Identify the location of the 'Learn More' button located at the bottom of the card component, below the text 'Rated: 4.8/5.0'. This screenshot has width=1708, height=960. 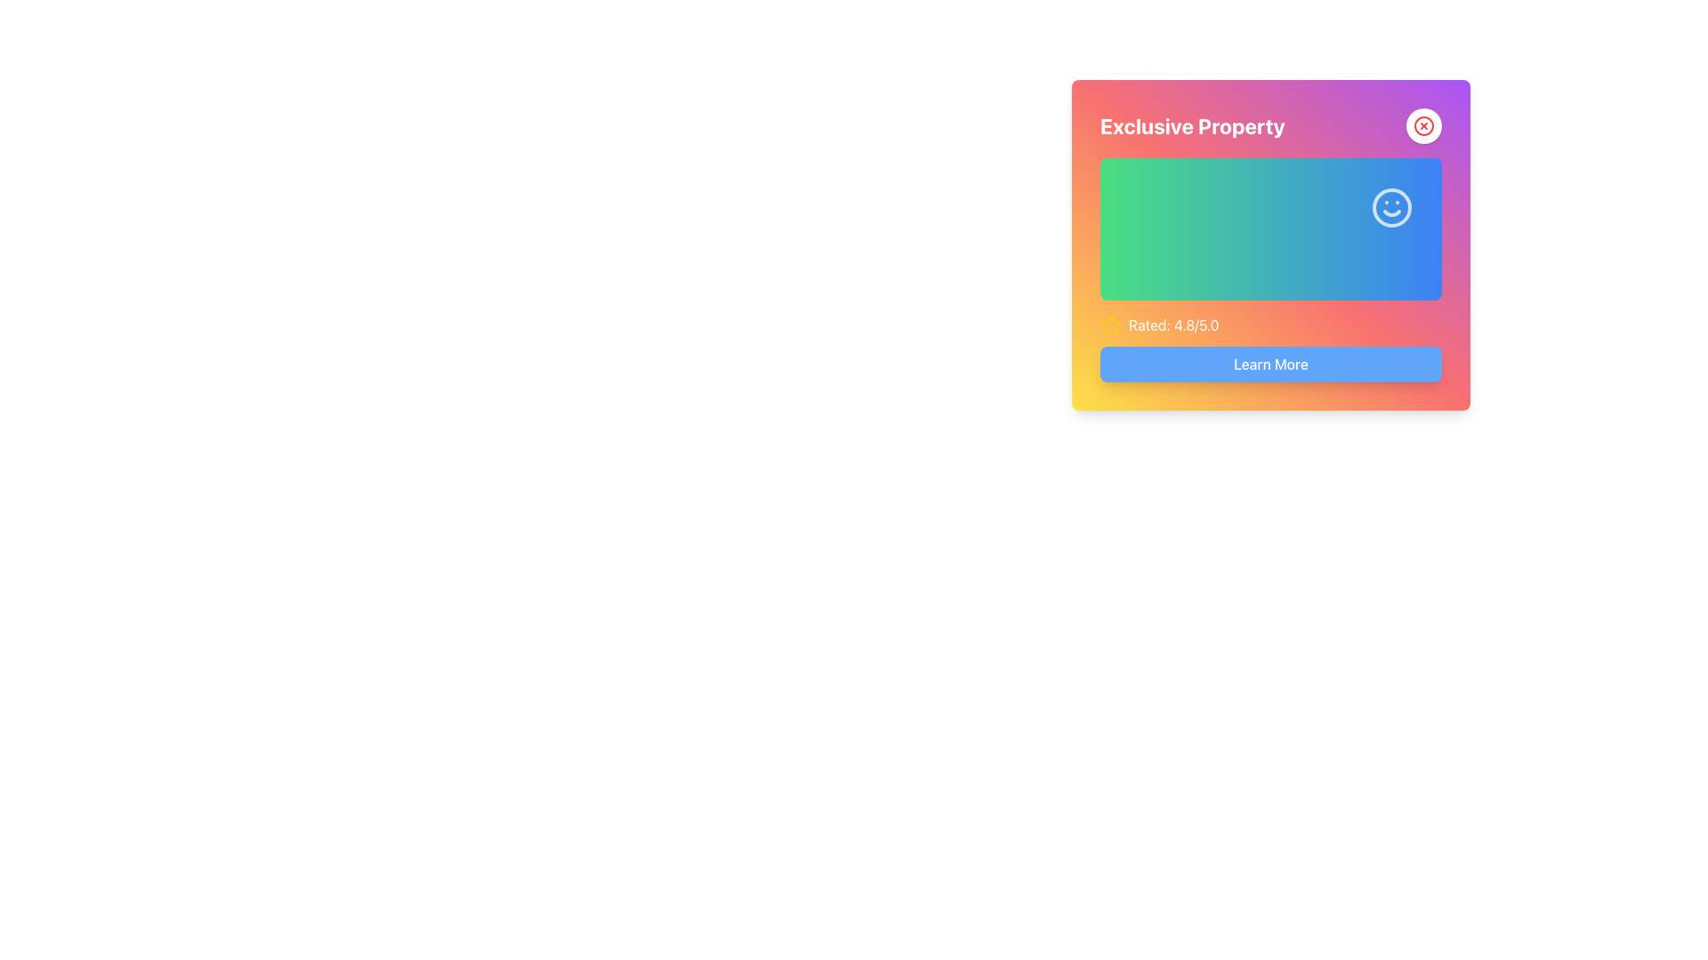
(1270, 363).